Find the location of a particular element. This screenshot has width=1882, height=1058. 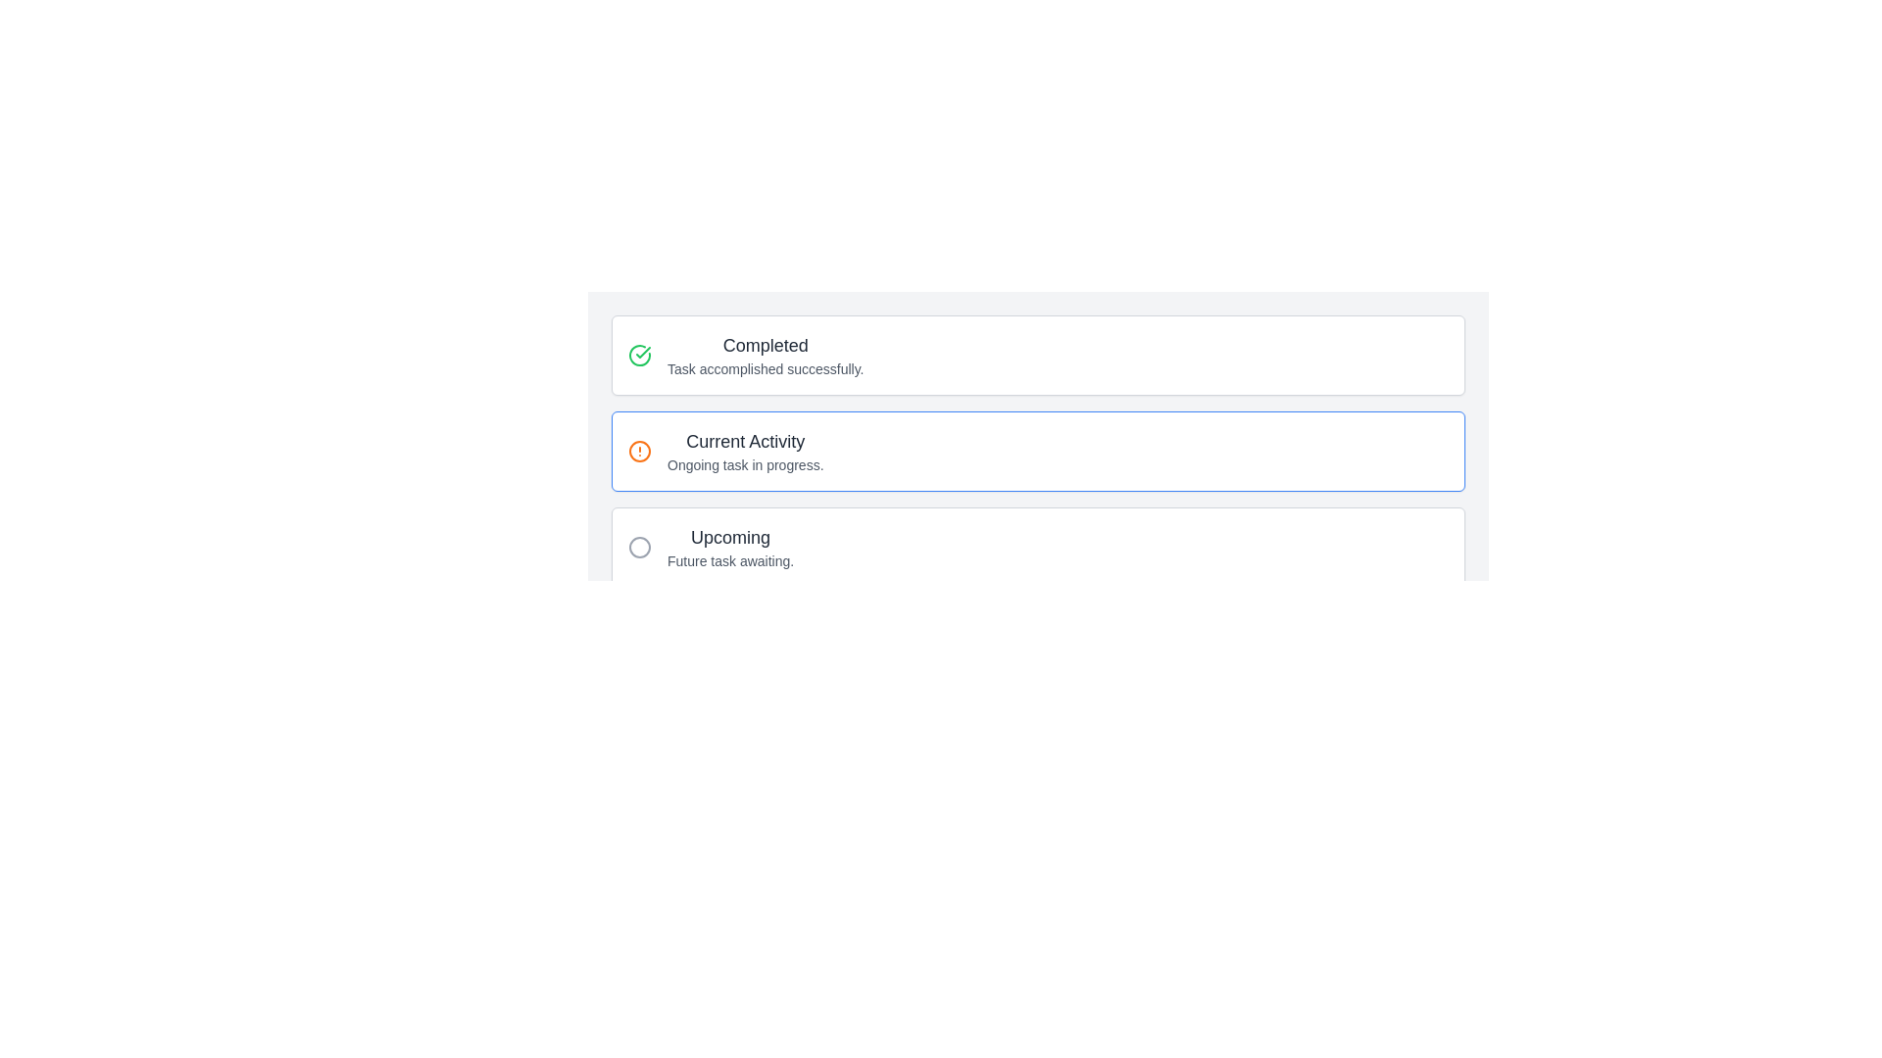

the static text element that reads 'Future task awaiting.' located below the 'Upcoming' text in gray color is located at coordinates (729, 561).